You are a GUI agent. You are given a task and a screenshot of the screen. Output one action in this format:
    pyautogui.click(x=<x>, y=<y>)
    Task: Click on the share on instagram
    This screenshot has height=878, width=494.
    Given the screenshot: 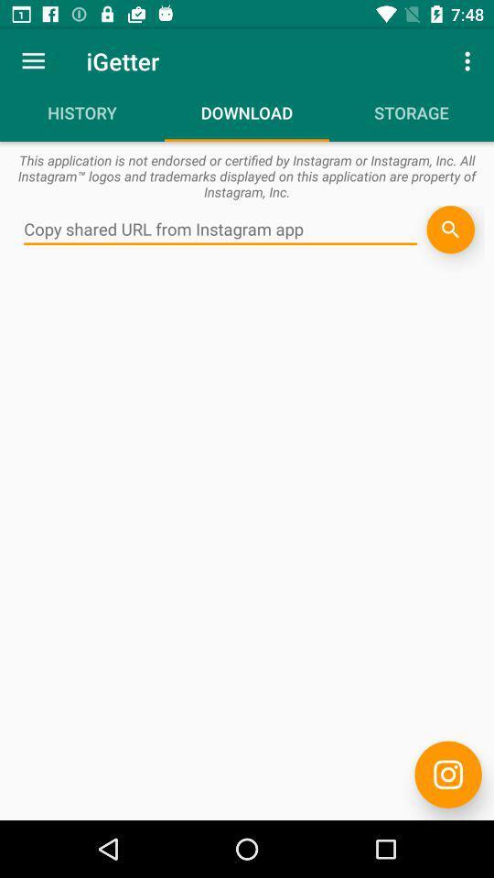 What is the action you would take?
    pyautogui.click(x=447, y=774)
    